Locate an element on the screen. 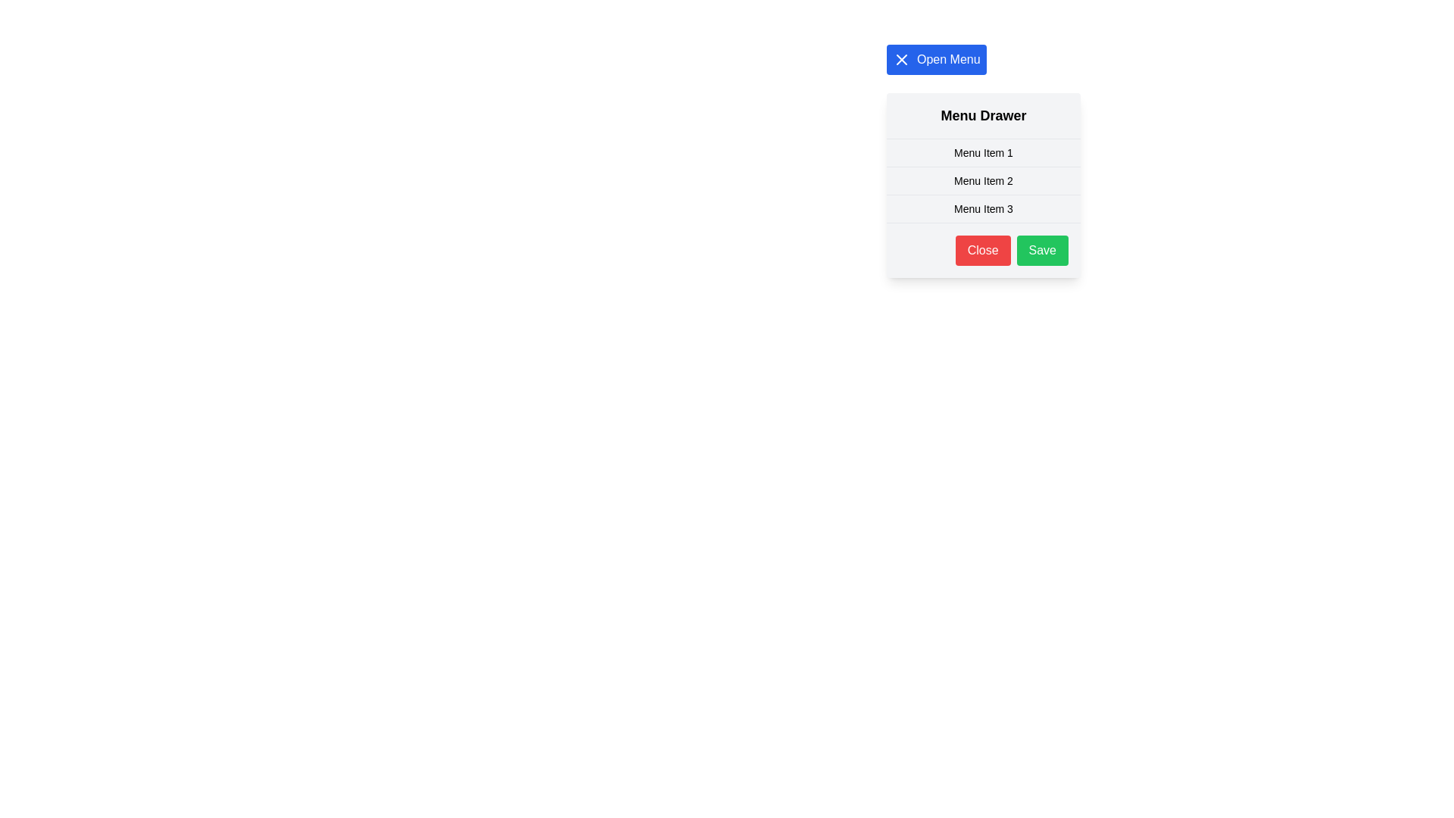  the button located in the bottom-right section of the modal interface is located at coordinates (983, 250).